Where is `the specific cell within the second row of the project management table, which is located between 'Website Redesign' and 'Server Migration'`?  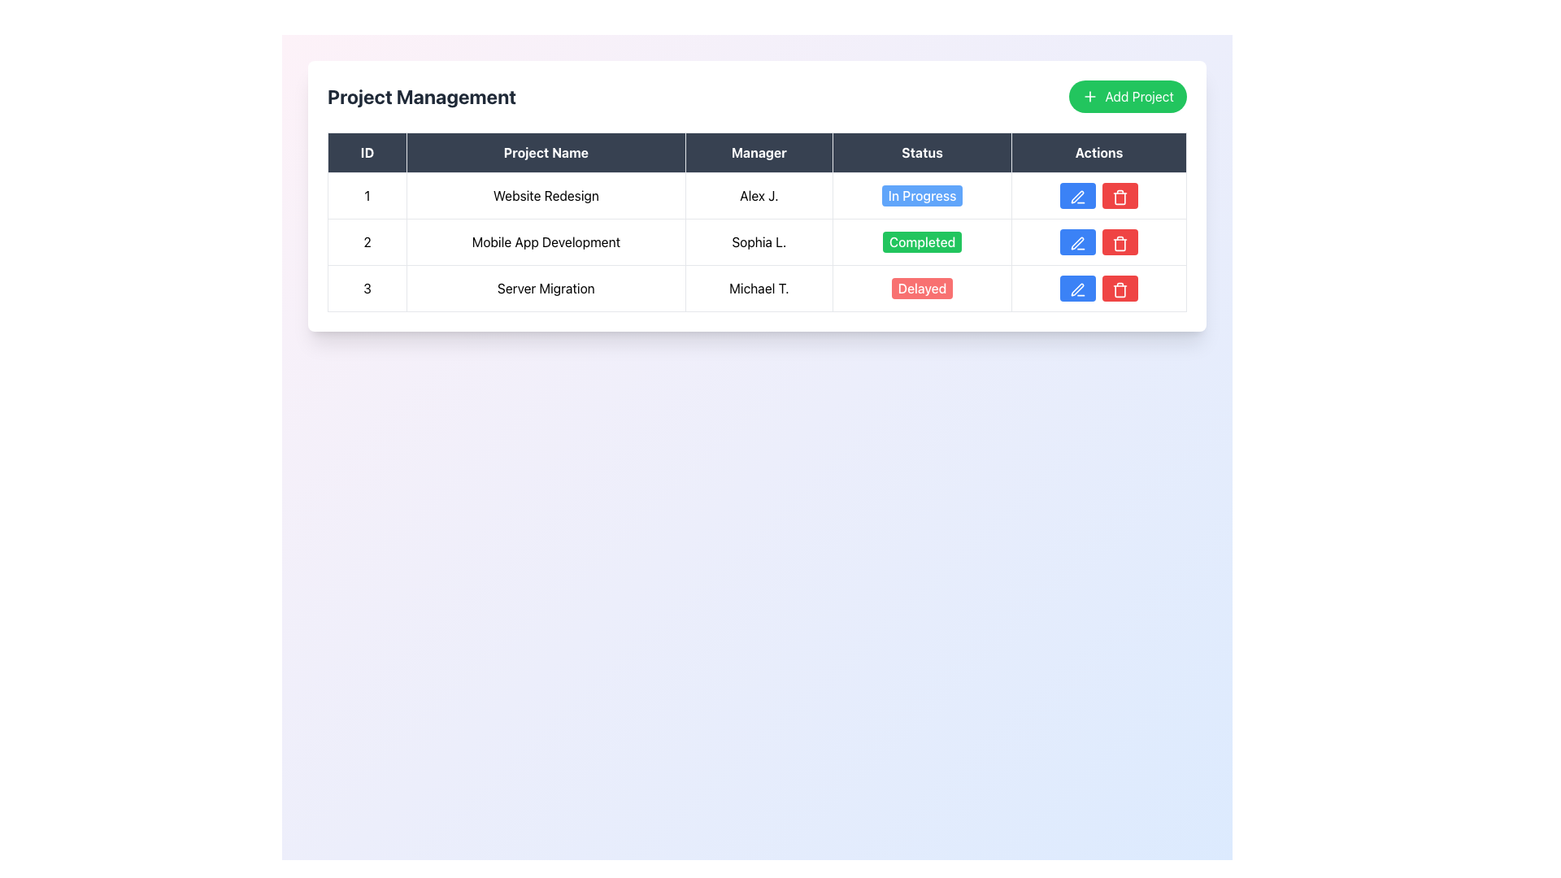
the specific cell within the second row of the project management table, which is located between 'Website Redesign' and 'Server Migration' is located at coordinates (756, 241).